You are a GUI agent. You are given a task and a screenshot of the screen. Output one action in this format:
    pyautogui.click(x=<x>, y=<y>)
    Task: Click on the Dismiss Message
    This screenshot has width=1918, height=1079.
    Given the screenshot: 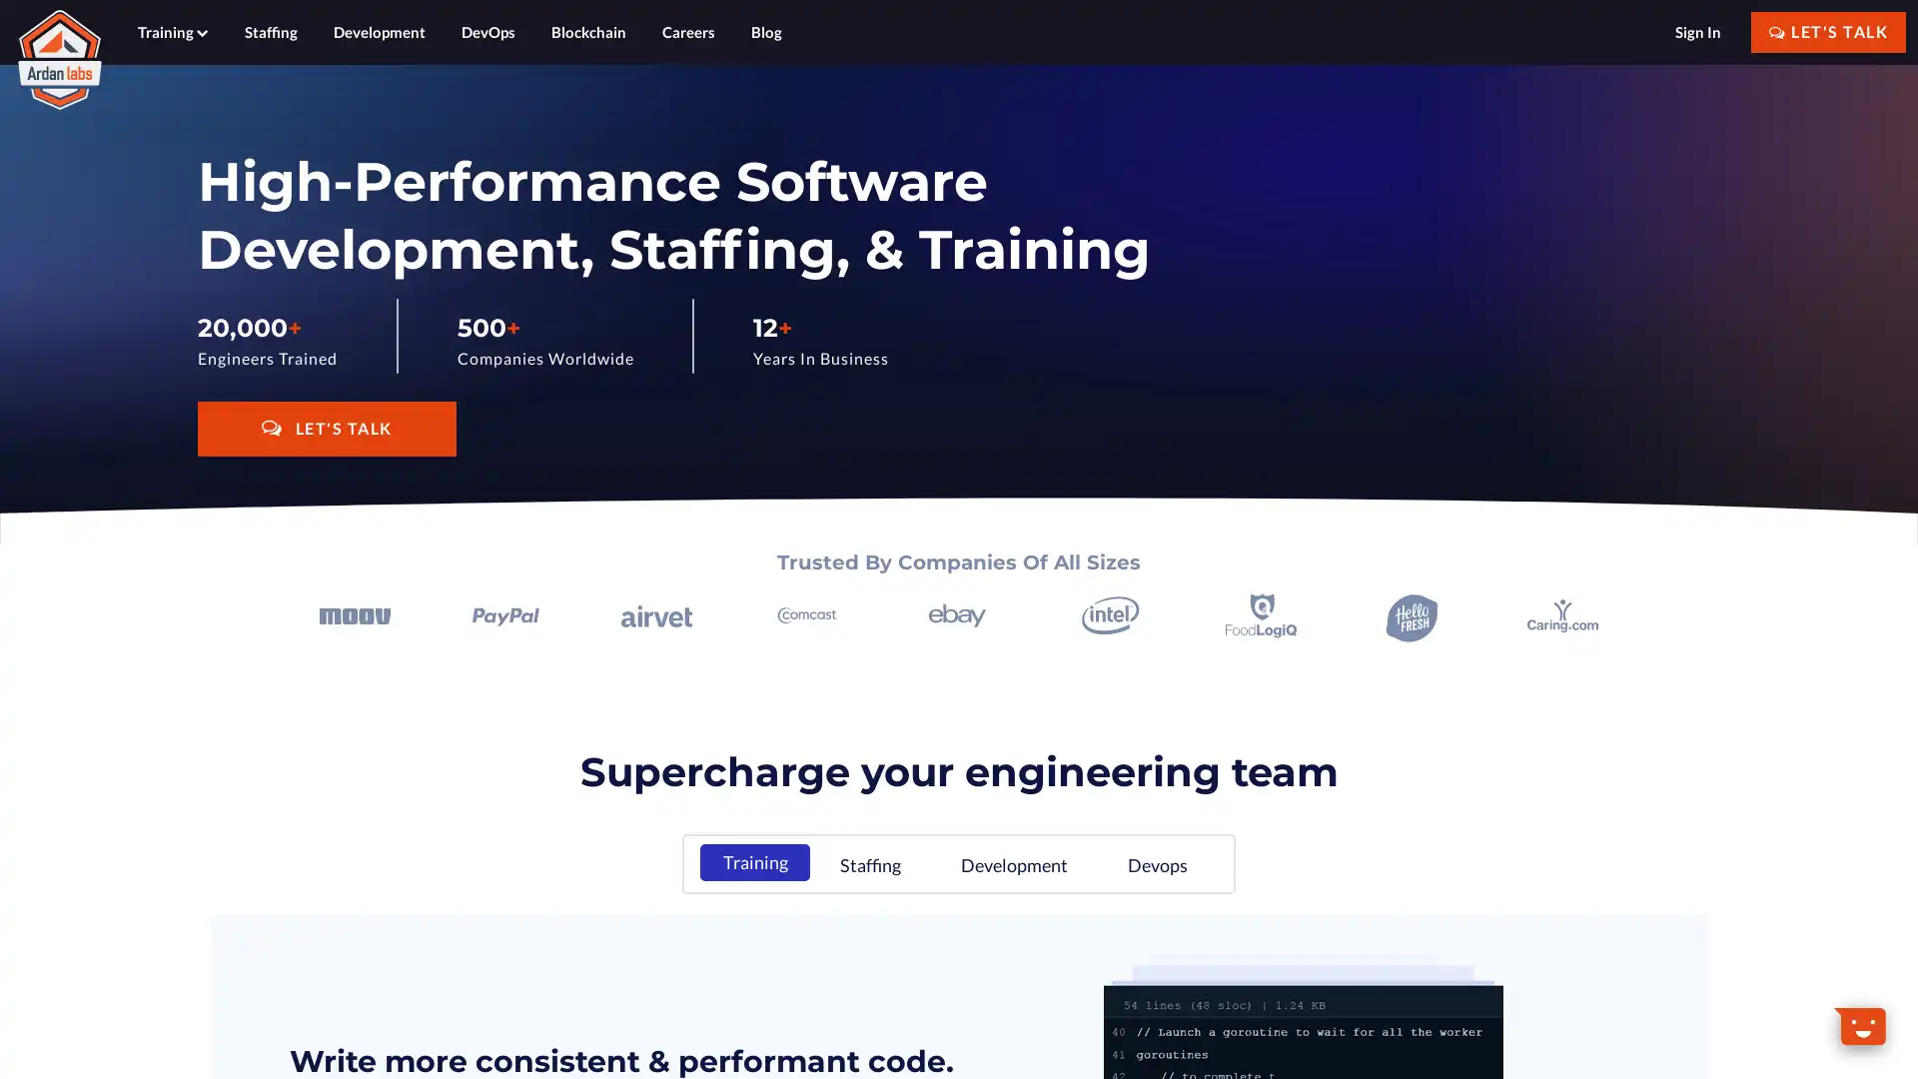 What is the action you would take?
    pyautogui.click(x=1813, y=1002)
    